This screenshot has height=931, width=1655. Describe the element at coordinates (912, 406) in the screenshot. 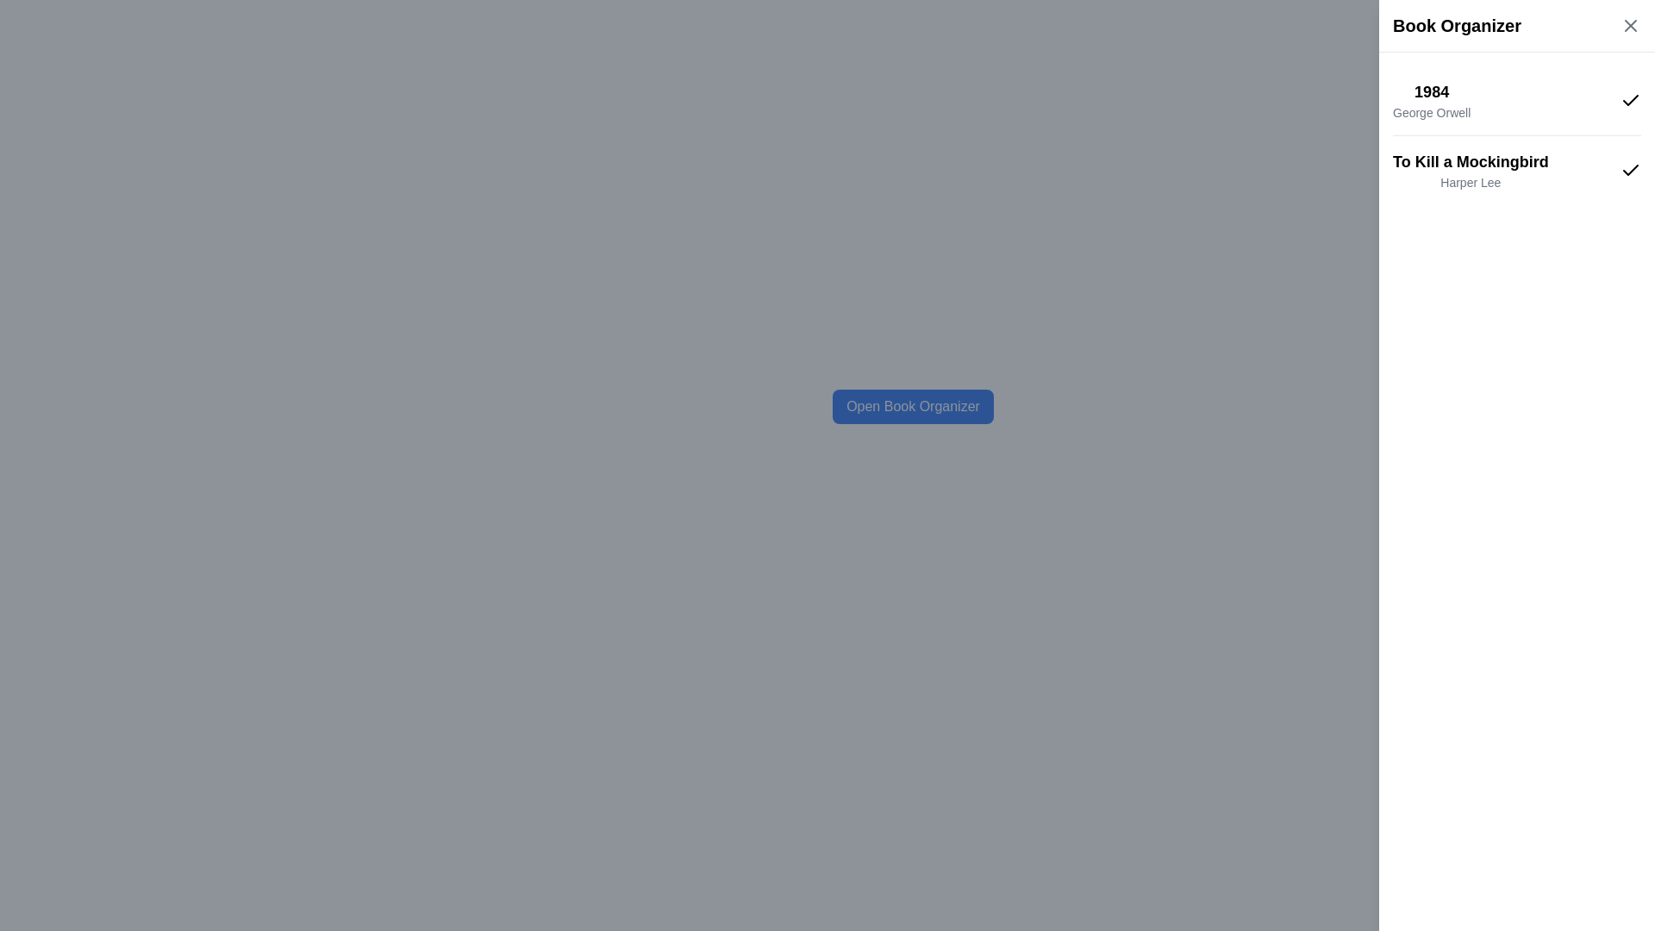

I see `the 'Book Organizer' button located centrally horizontally near the bottom edge of the gray canvas` at that location.